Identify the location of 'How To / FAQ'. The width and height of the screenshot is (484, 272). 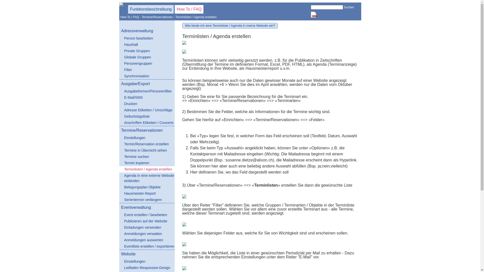
(189, 9).